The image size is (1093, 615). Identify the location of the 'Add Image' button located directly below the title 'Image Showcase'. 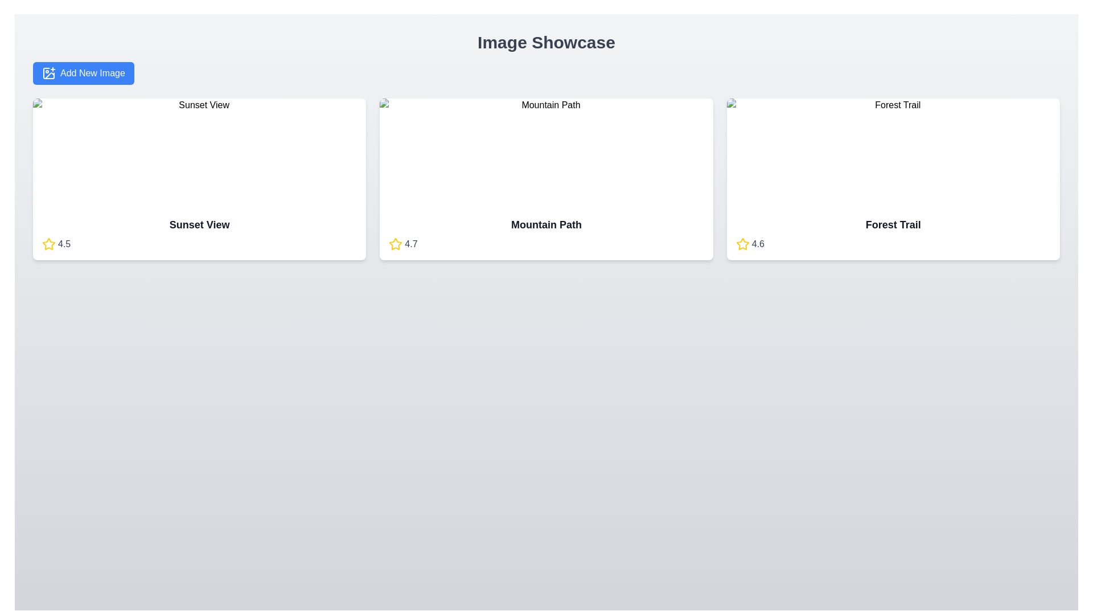
(83, 73).